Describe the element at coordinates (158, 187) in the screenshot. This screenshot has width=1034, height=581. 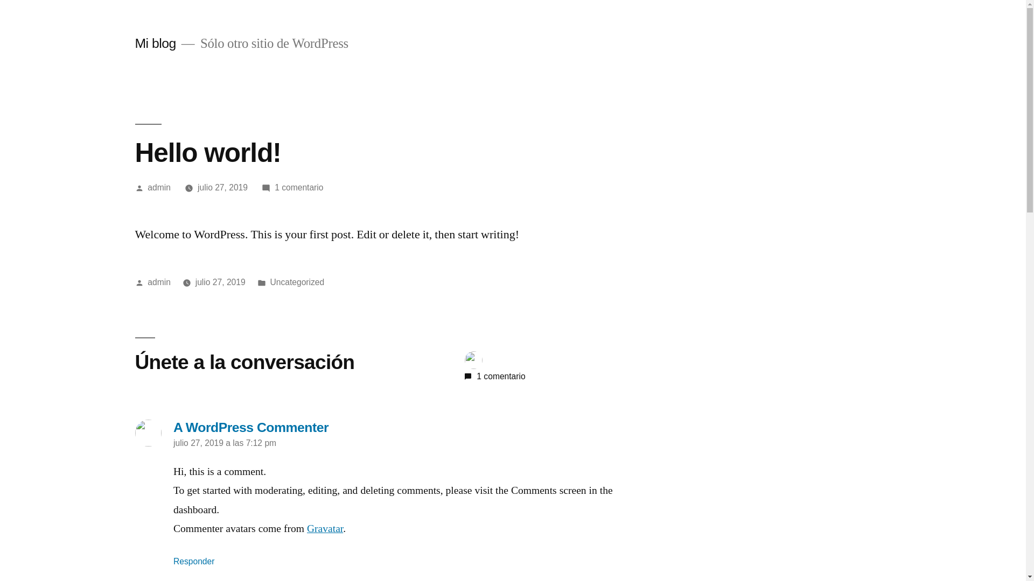
I see `'admin'` at that location.